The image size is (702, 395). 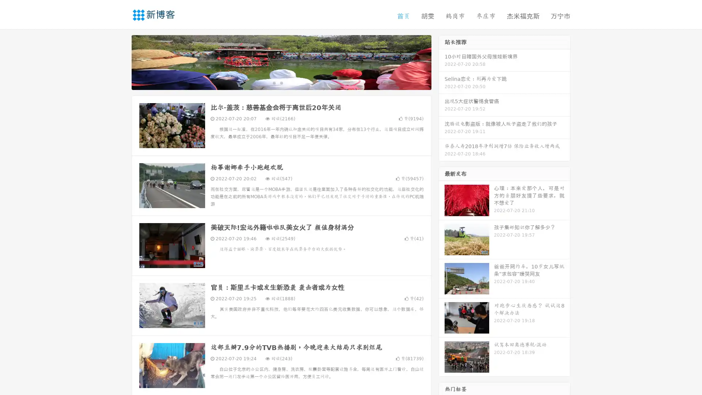 I want to click on Next slide, so click(x=442, y=61).